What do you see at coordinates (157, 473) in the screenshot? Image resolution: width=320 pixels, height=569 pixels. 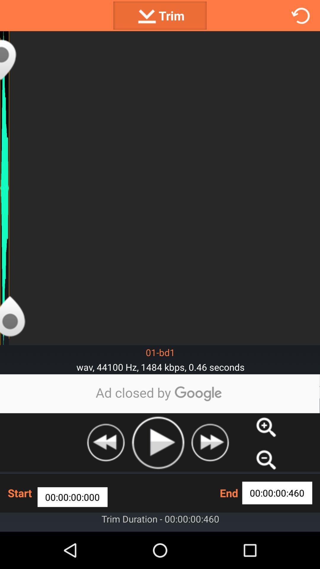 I see `the play icon` at bounding box center [157, 473].